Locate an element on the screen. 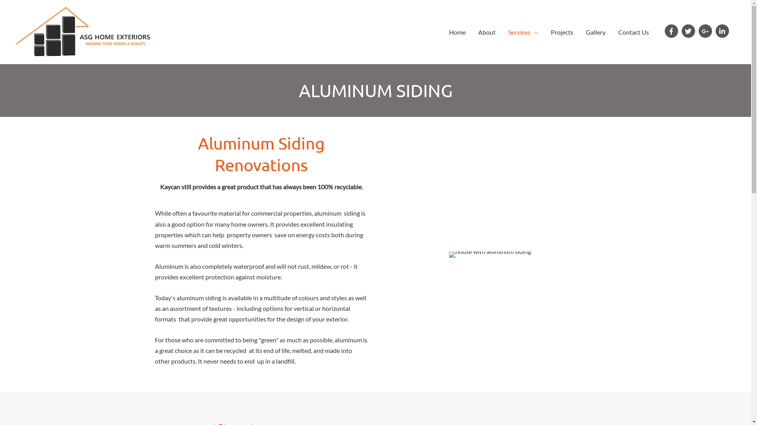 The width and height of the screenshot is (757, 425). 'Contact Us' is located at coordinates (634, 31).